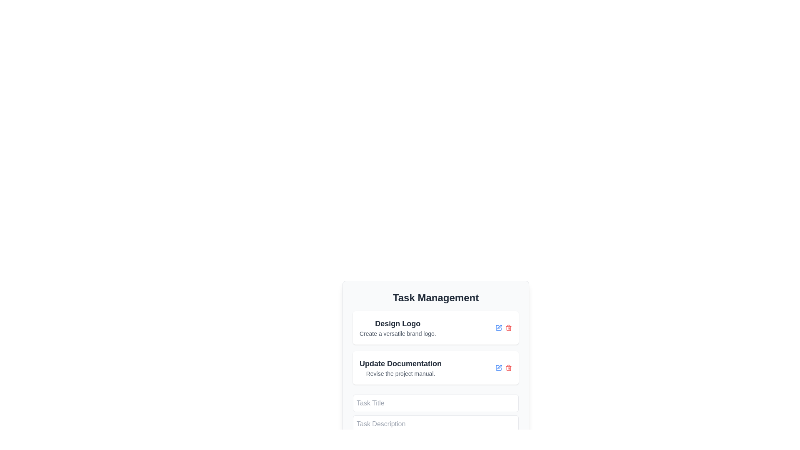  I want to click on the red trash icon located at the bottom-right corner of the 'Update Documentation' task section, so click(503, 367).